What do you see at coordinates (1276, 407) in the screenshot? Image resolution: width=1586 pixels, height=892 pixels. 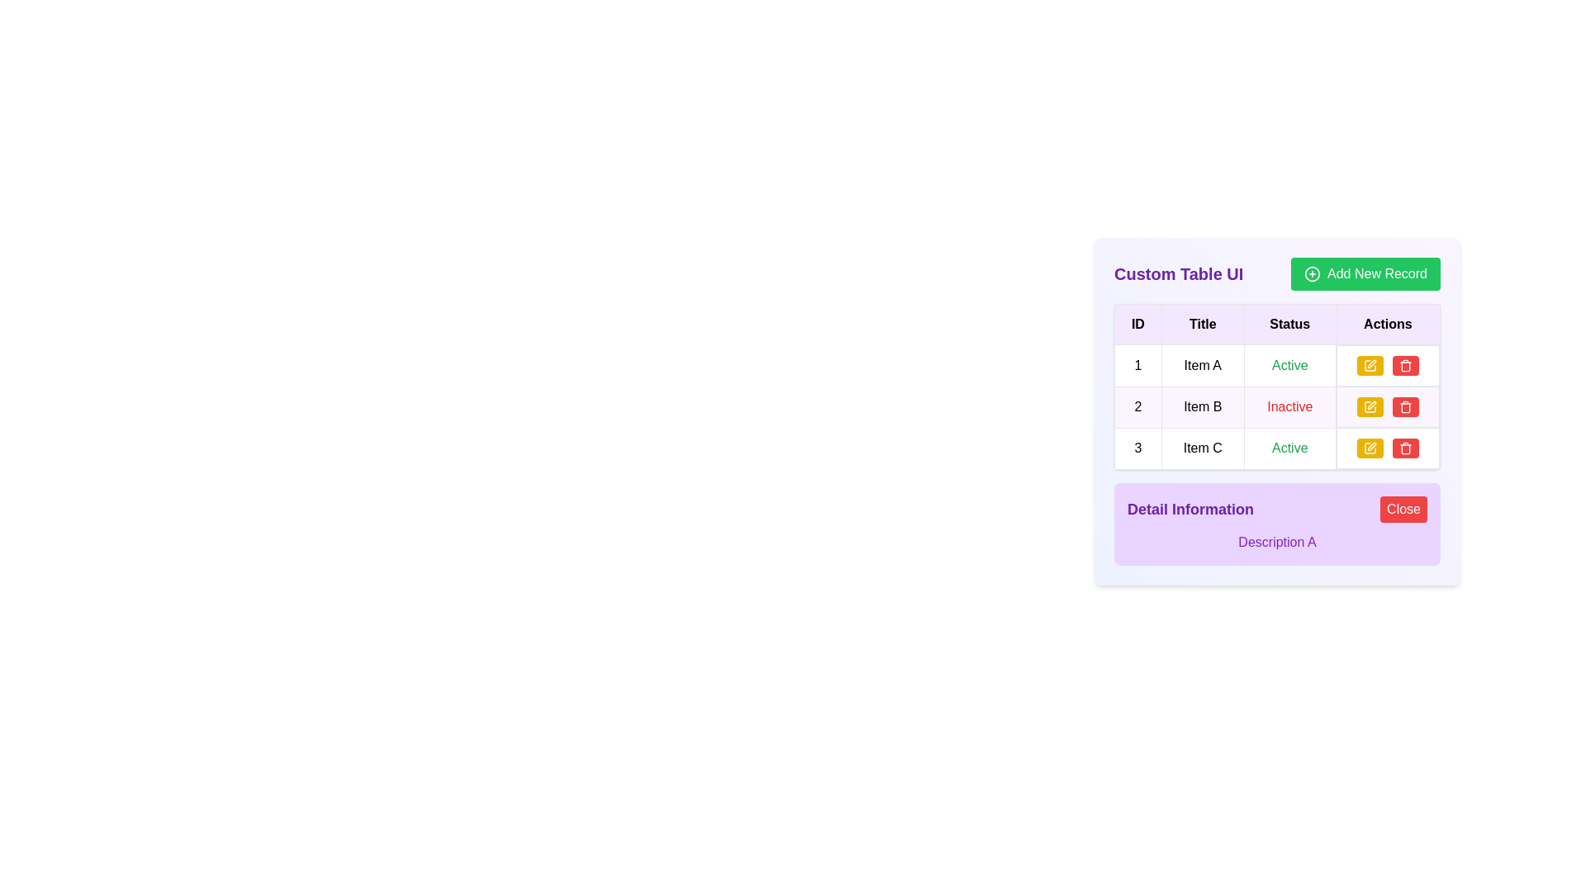 I see `the second row of the table that displays data, located between the rows containing 'Item A' and 'Item C'` at bounding box center [1276, 407].